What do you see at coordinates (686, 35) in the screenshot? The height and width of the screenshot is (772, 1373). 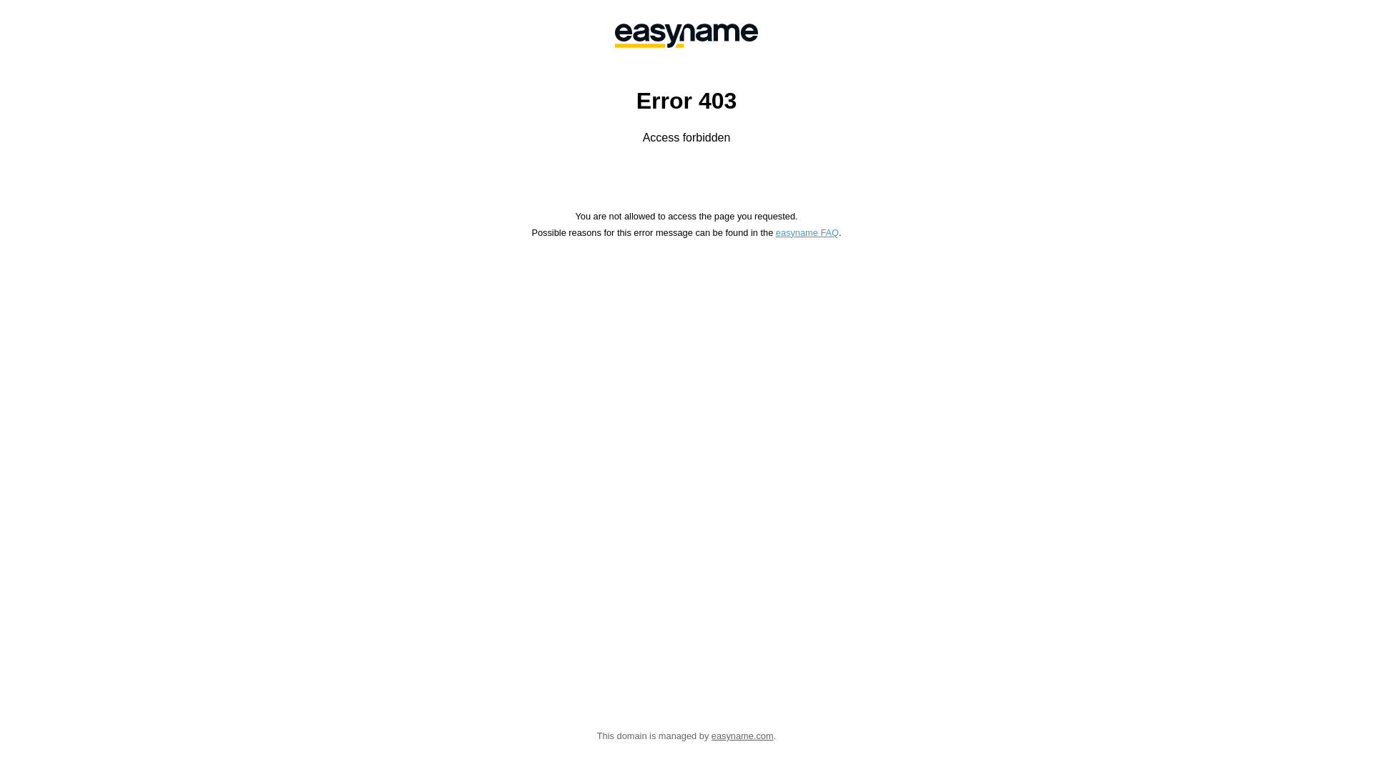 I see `'easyname GmbH'` at bounding box center [686, 35].